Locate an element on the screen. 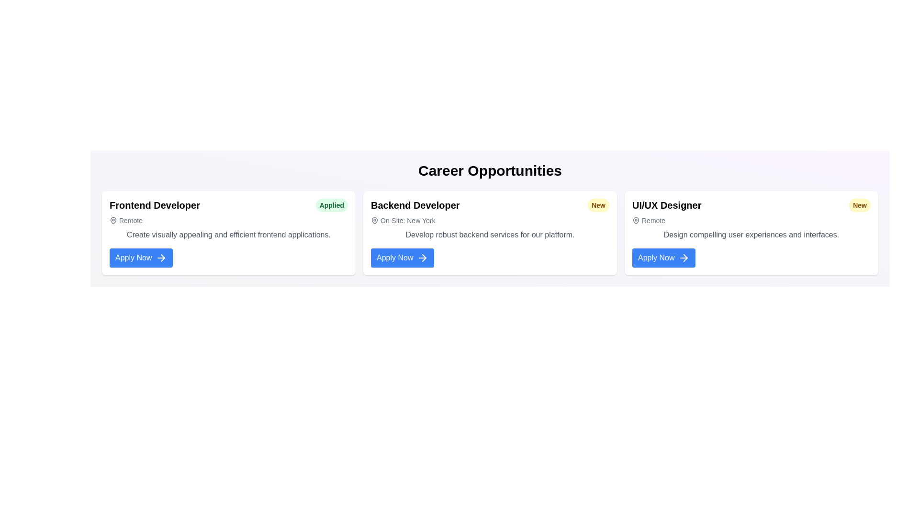 The height and width of the screenshot is (517, 919). the forward action icon within the 'Apply Now' button of the 'UI/UX Designer' card, located at the rightmost position of the cards row is located at coordinates (684, 258).